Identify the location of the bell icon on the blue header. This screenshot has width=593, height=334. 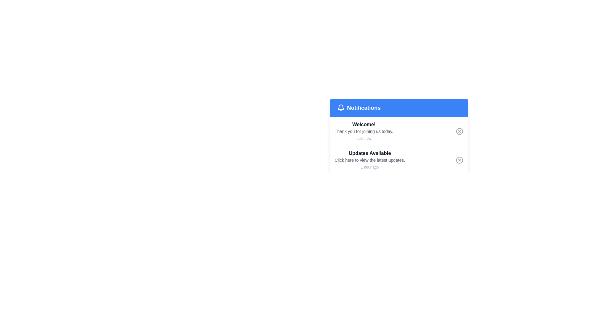
(340, 107).